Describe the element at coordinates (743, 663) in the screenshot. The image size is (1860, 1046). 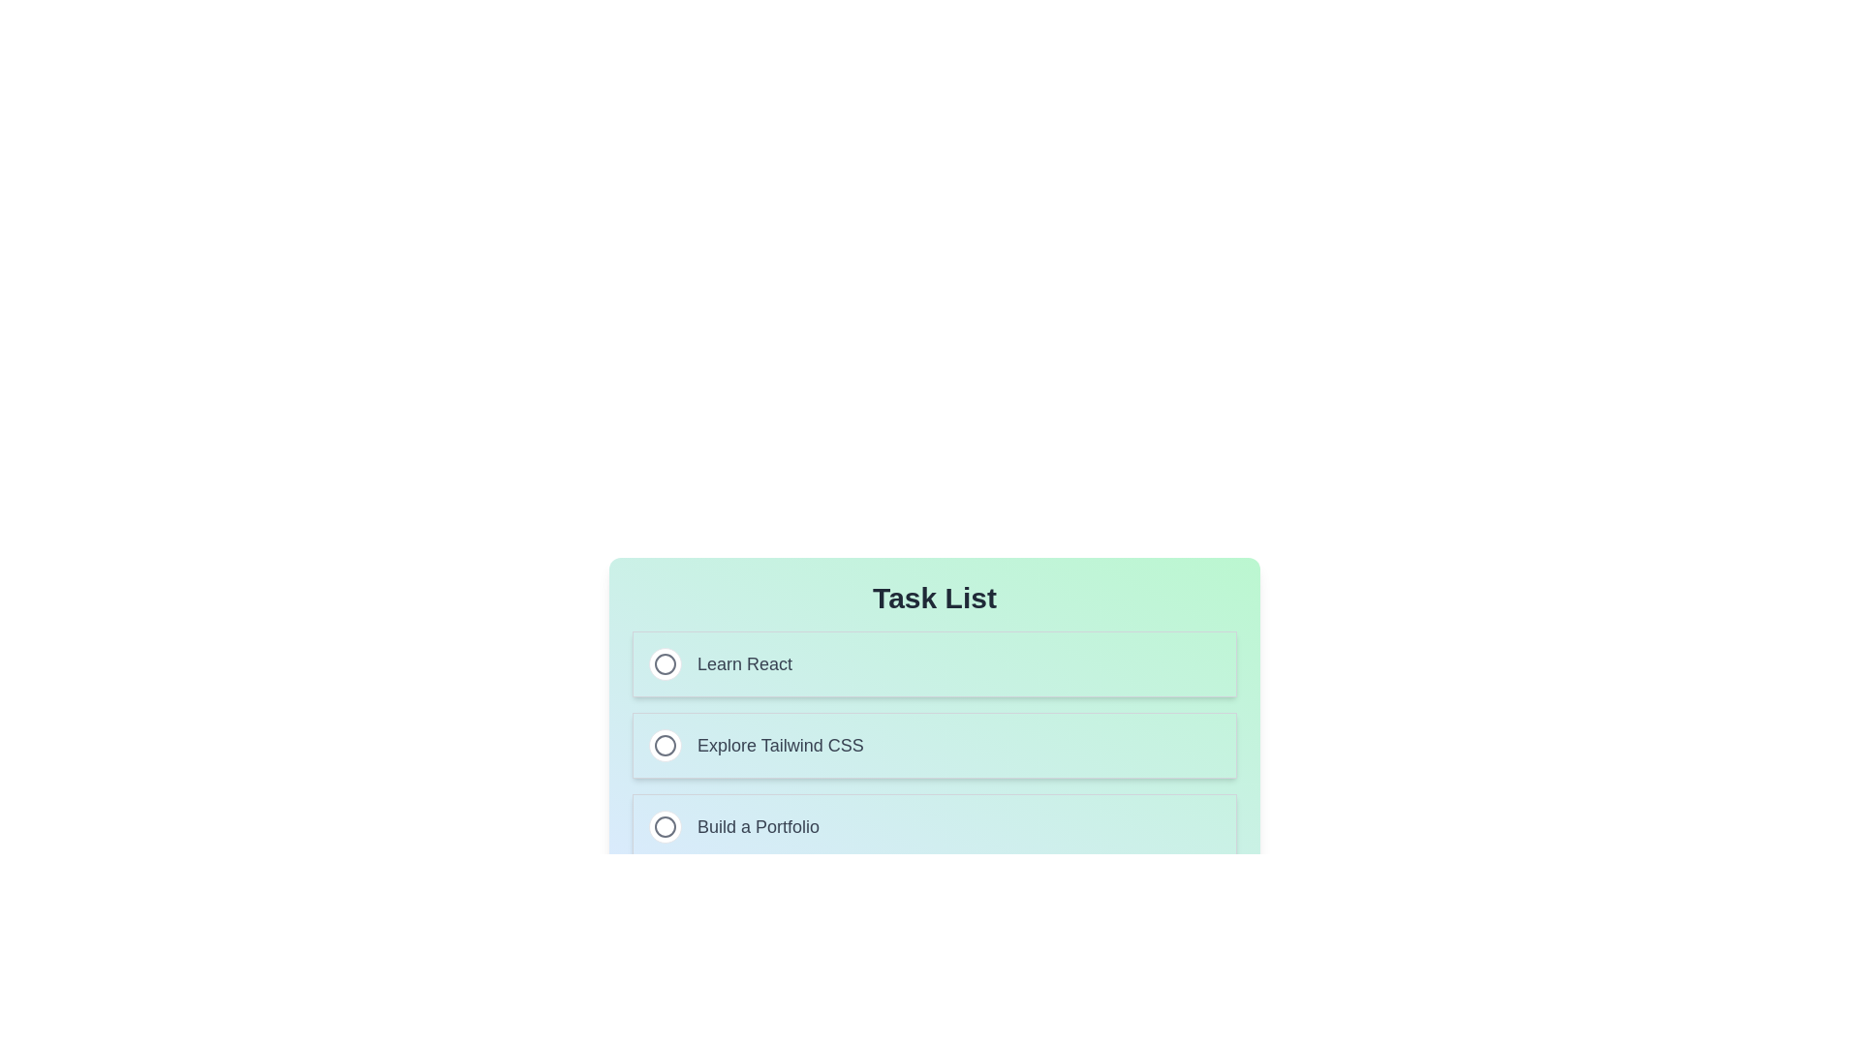
I see `text label located to the right of the circle icon in the first card of the task management interface` at that location.